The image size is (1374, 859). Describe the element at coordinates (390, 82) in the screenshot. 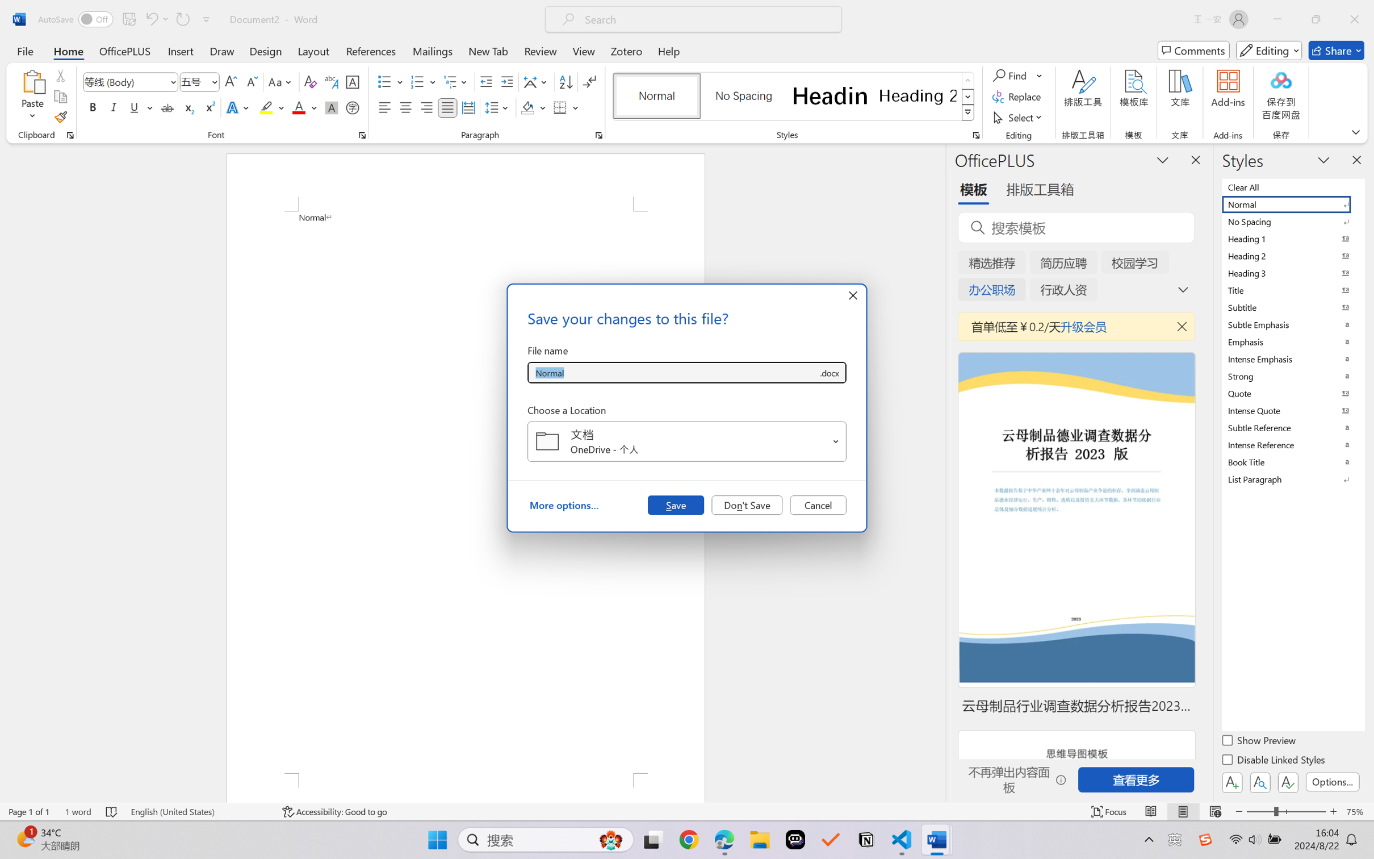

I see `'Bullets'` at that location.